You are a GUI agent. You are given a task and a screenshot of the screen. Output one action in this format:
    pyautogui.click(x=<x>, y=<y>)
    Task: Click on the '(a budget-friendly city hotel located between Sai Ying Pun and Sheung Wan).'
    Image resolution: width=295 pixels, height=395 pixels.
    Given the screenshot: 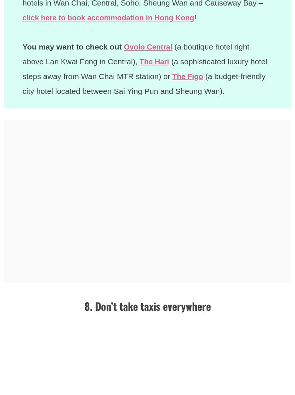 What is the action you would take?
    pyautogui.click(x=144, y=83)
    